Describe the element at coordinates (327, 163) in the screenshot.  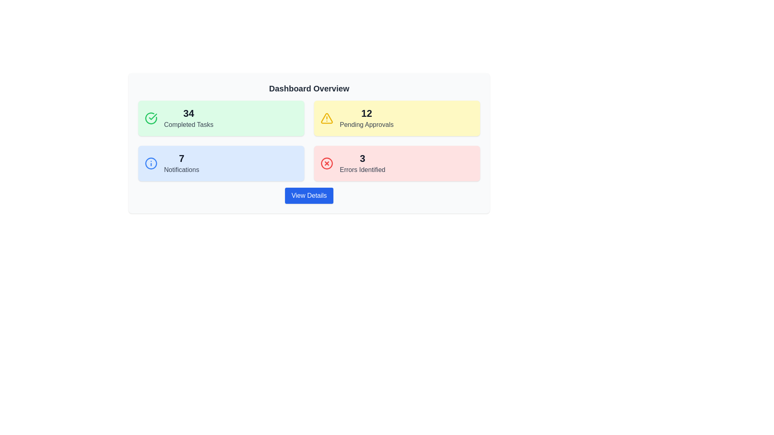
I see `the error indication represented by the icon located in the bottom-right section titled 'Errors Identified', which is centered adjacent to the number '3'` at that location.